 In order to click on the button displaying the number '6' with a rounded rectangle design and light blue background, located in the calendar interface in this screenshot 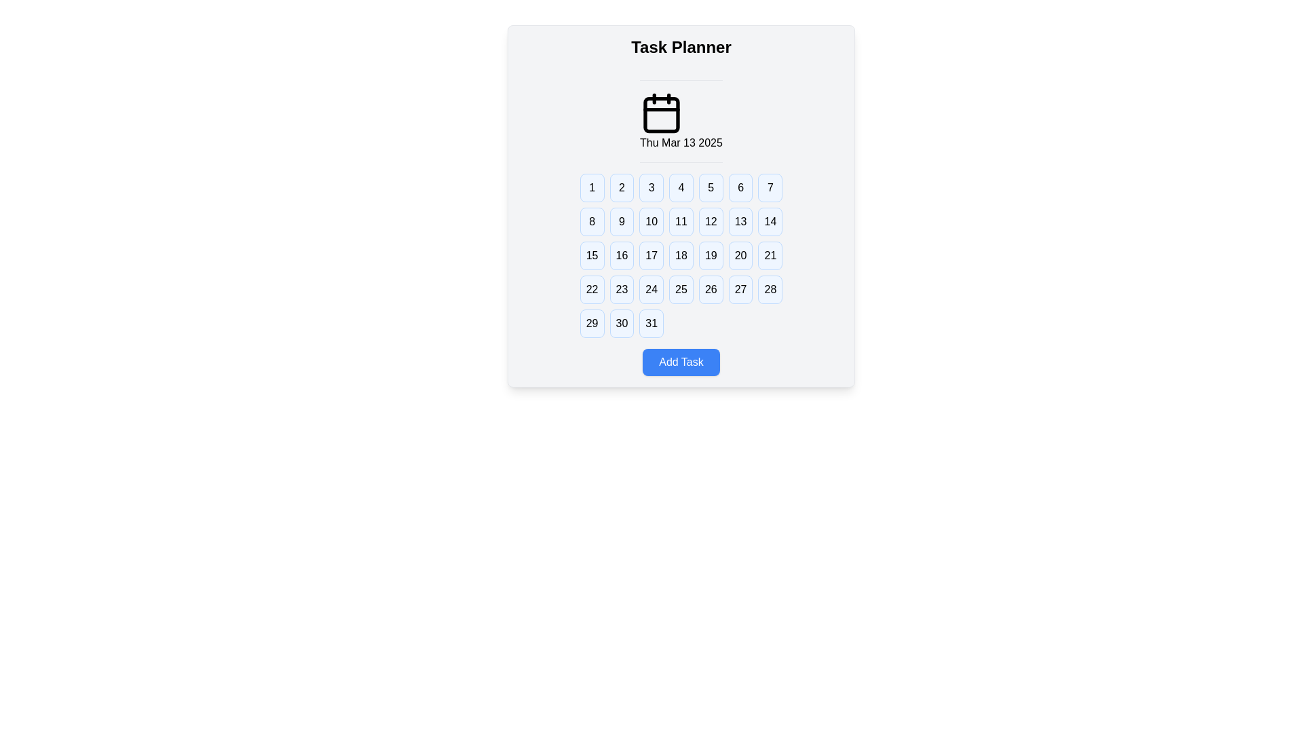, I will do `click(740, 188)`.